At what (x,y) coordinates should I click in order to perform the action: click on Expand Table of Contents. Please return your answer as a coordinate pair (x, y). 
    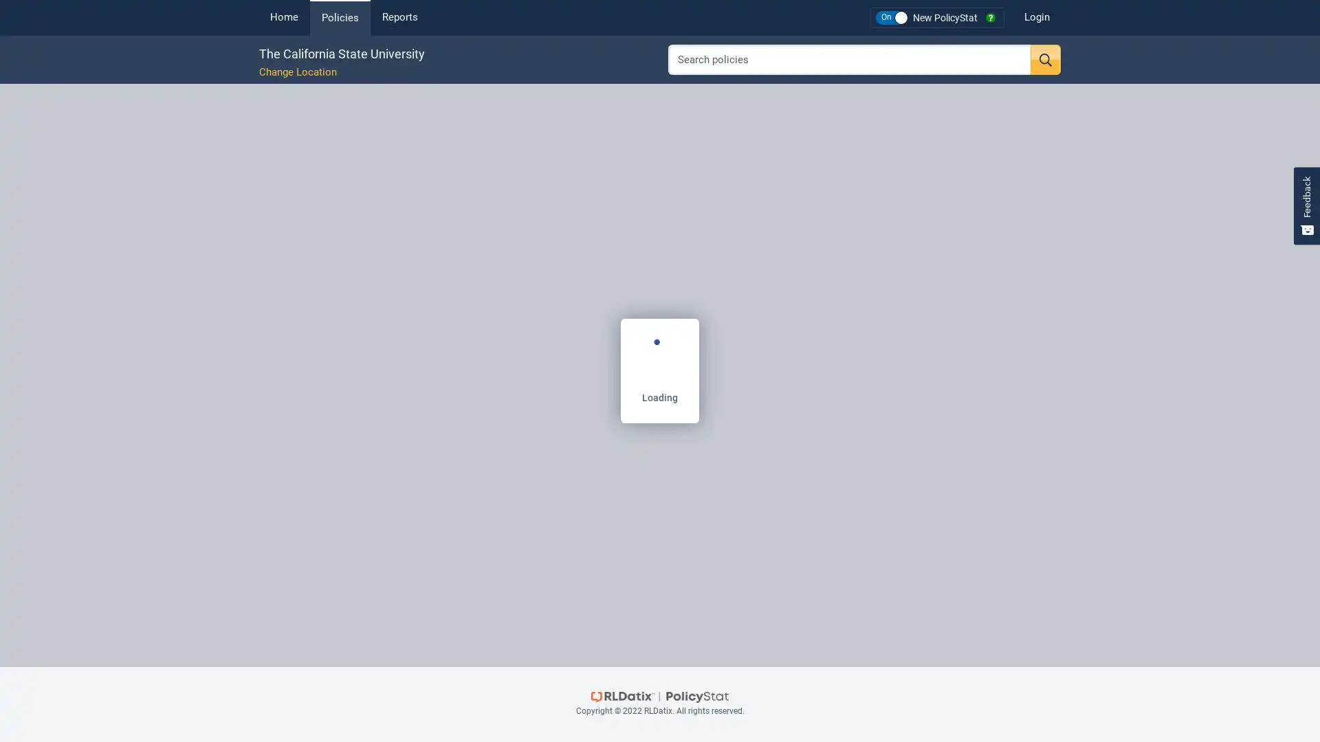
    Looking at the image, I should click on (21, 704).